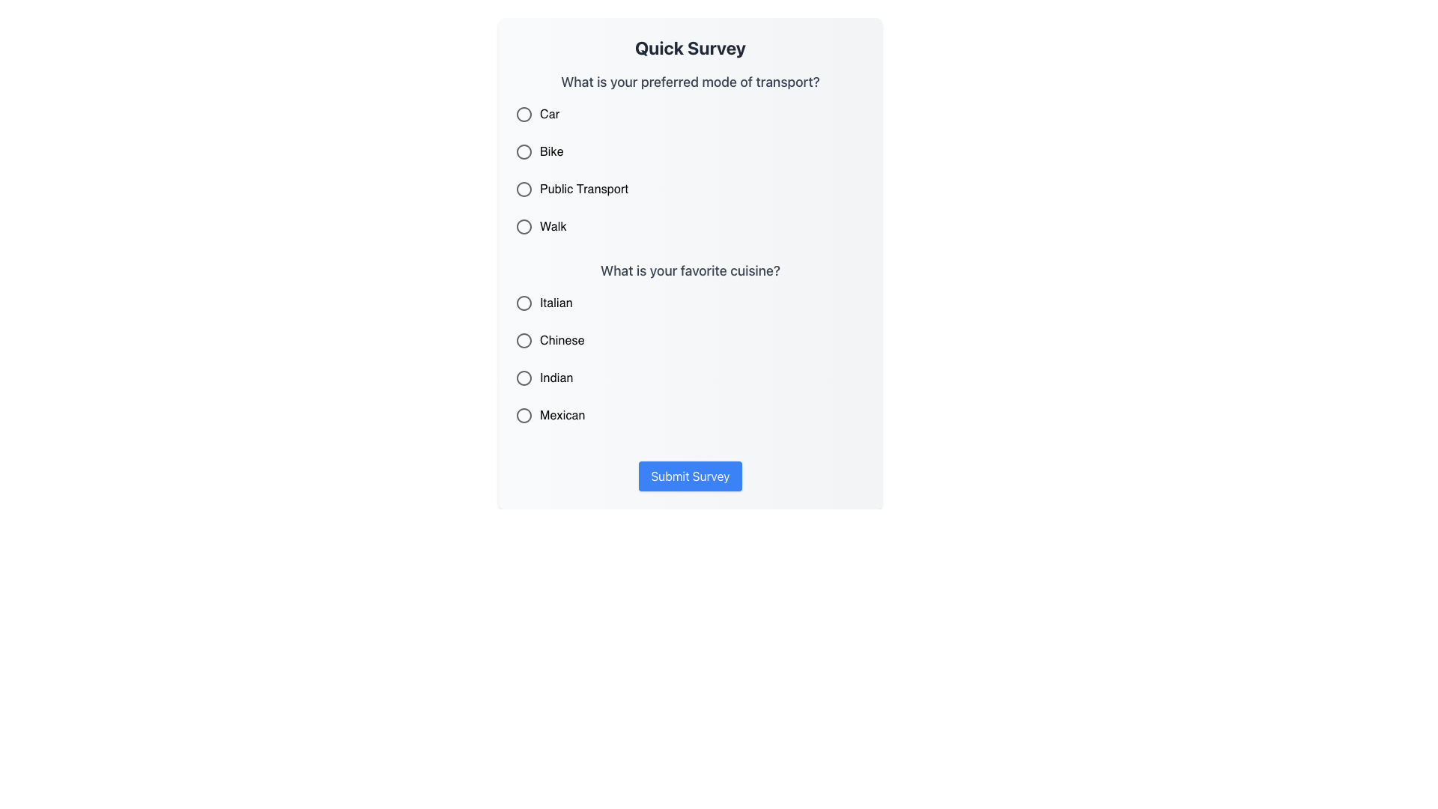  I want to click on the text label that indicates the 'Indian' option in the survey's cuisine selection section, which is positioned below 'Italian' and 'Chinese', so click(556, 378).